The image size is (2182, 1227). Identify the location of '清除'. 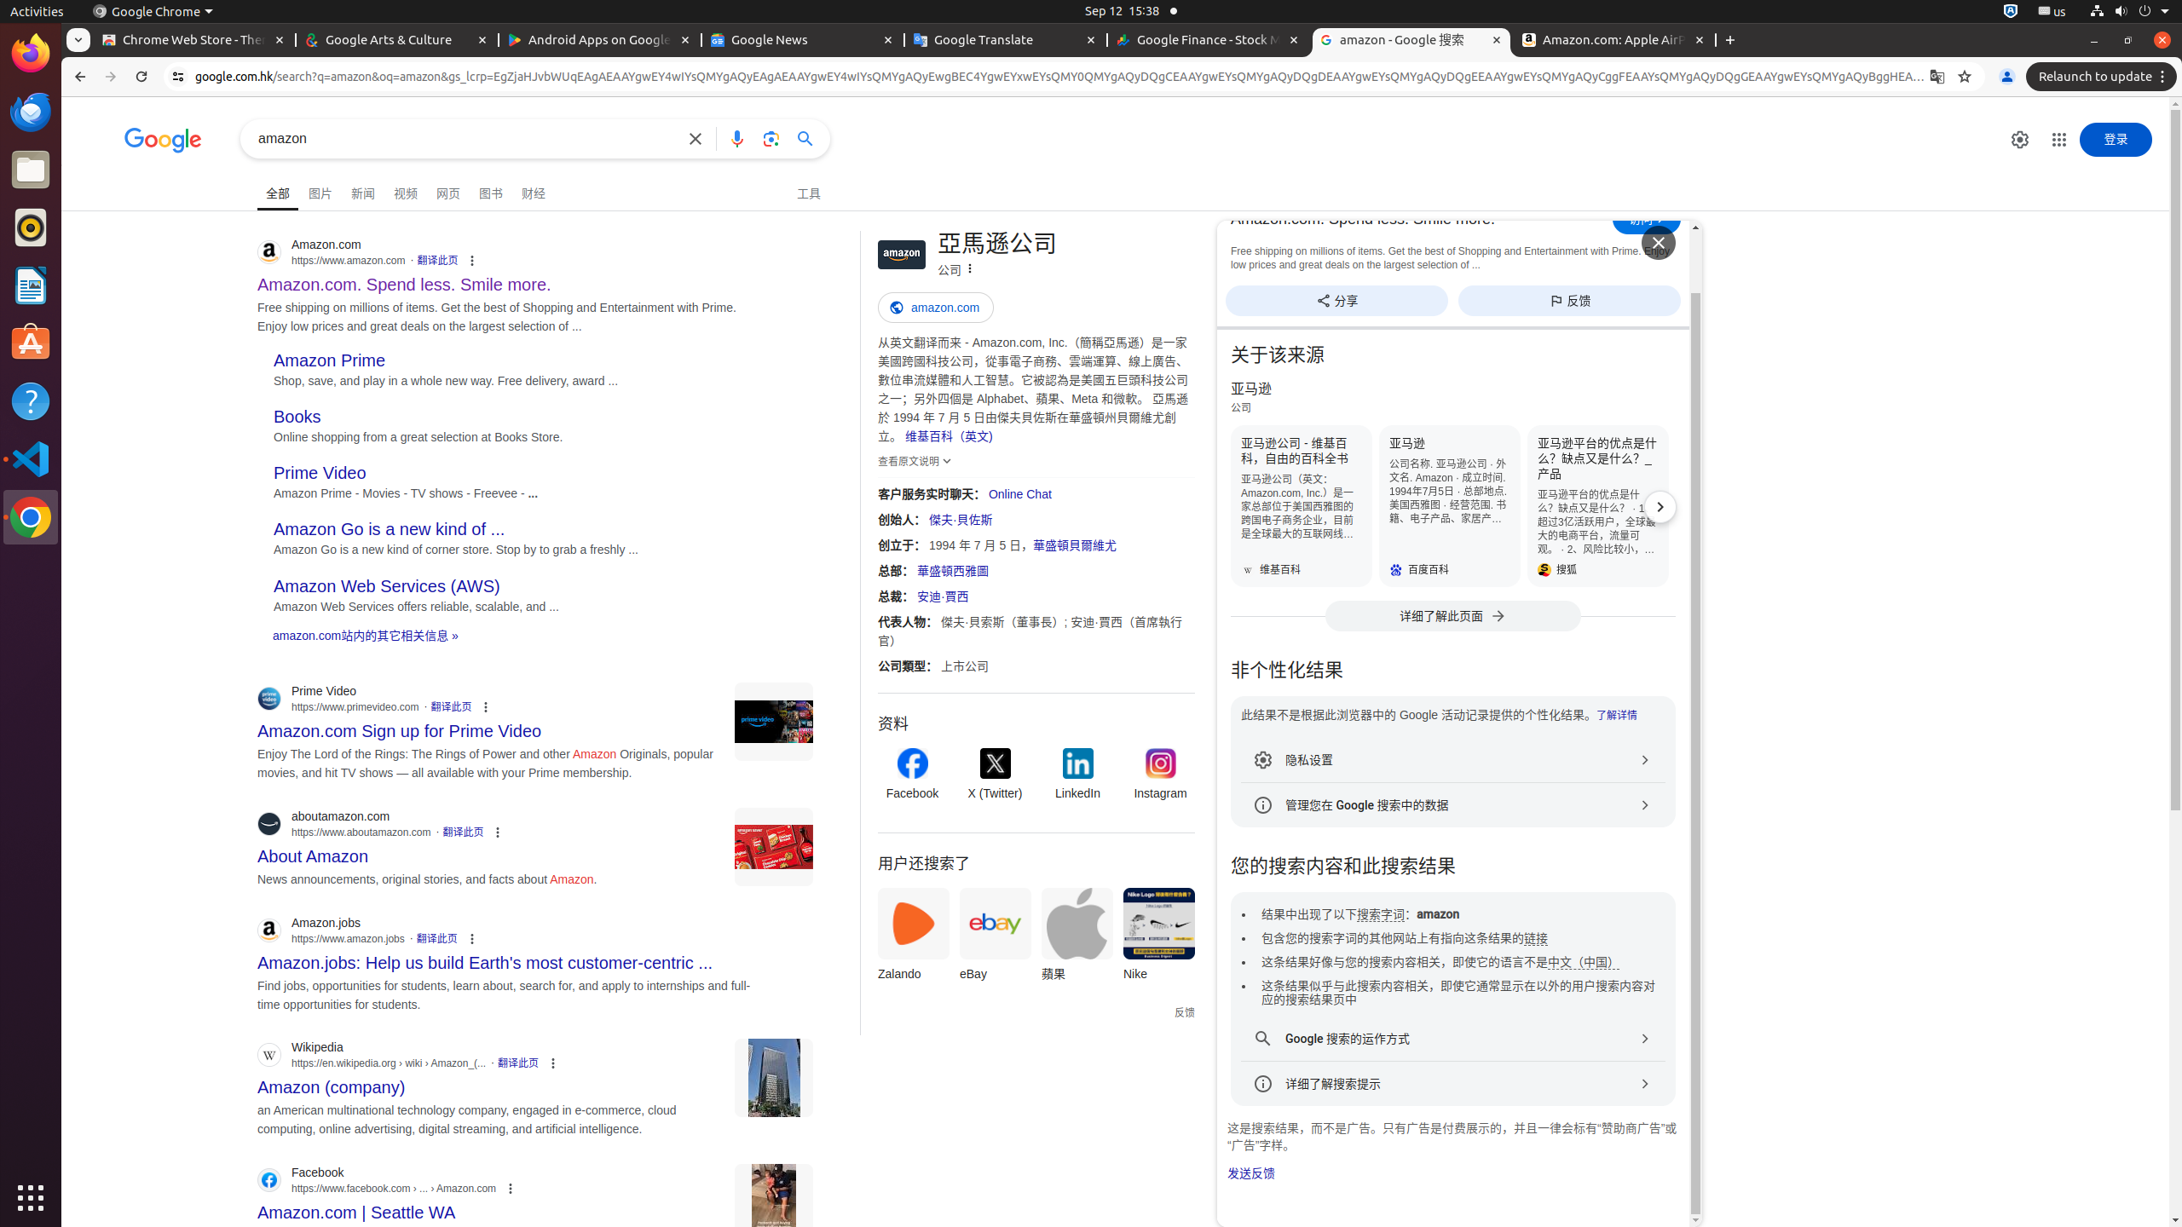
(695, 138).